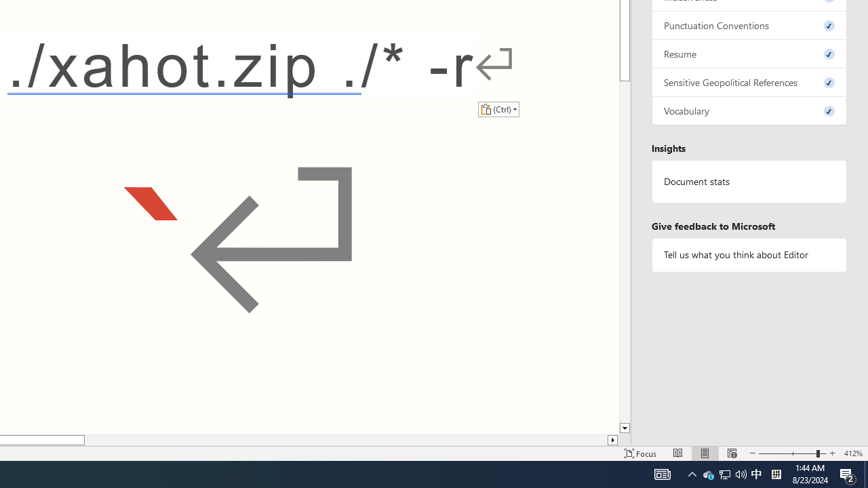 Image resolution: width=868 pixels, height=488 pixels. Describe the element at coordinates (749, 180) in the screenshot. I see `'Document statistics'` at that location.